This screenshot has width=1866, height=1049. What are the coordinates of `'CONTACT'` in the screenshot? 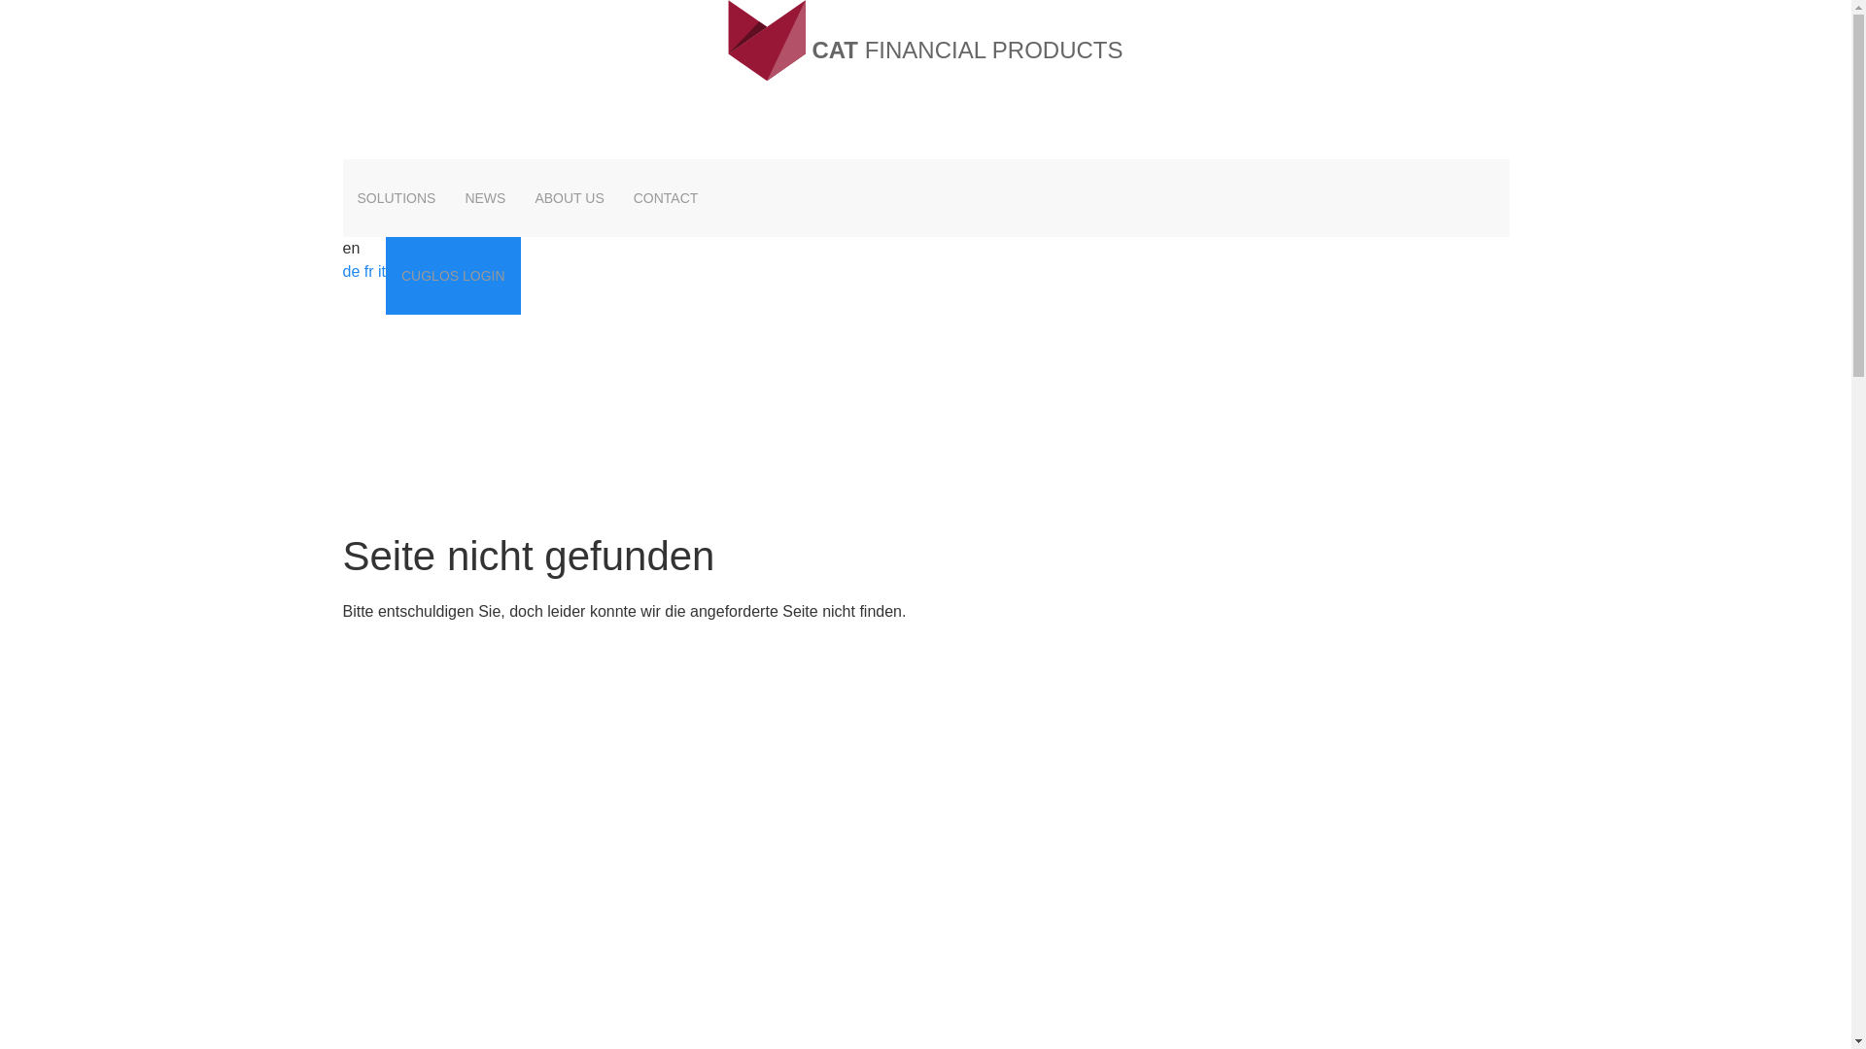 It's located at (666, 198).